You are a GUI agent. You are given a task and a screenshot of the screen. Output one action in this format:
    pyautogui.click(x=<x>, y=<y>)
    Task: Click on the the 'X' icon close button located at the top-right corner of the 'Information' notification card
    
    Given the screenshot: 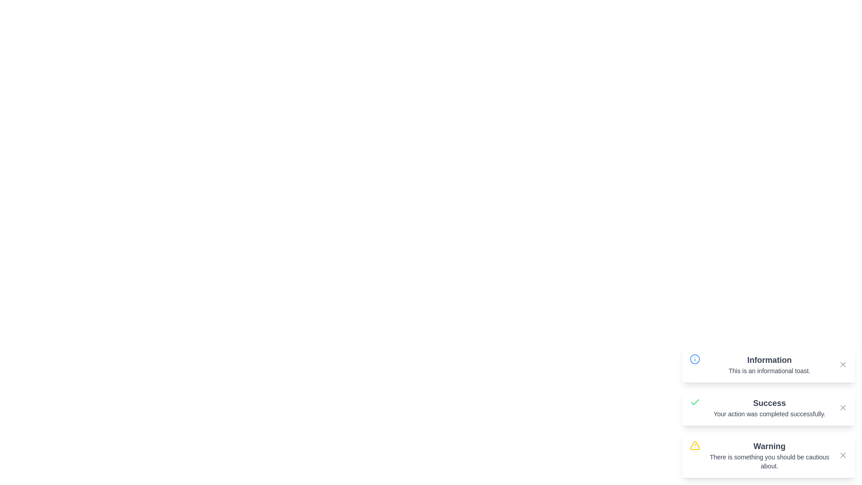 What is the action you would take?
    pyautogui.click(x=842, y=365)
    